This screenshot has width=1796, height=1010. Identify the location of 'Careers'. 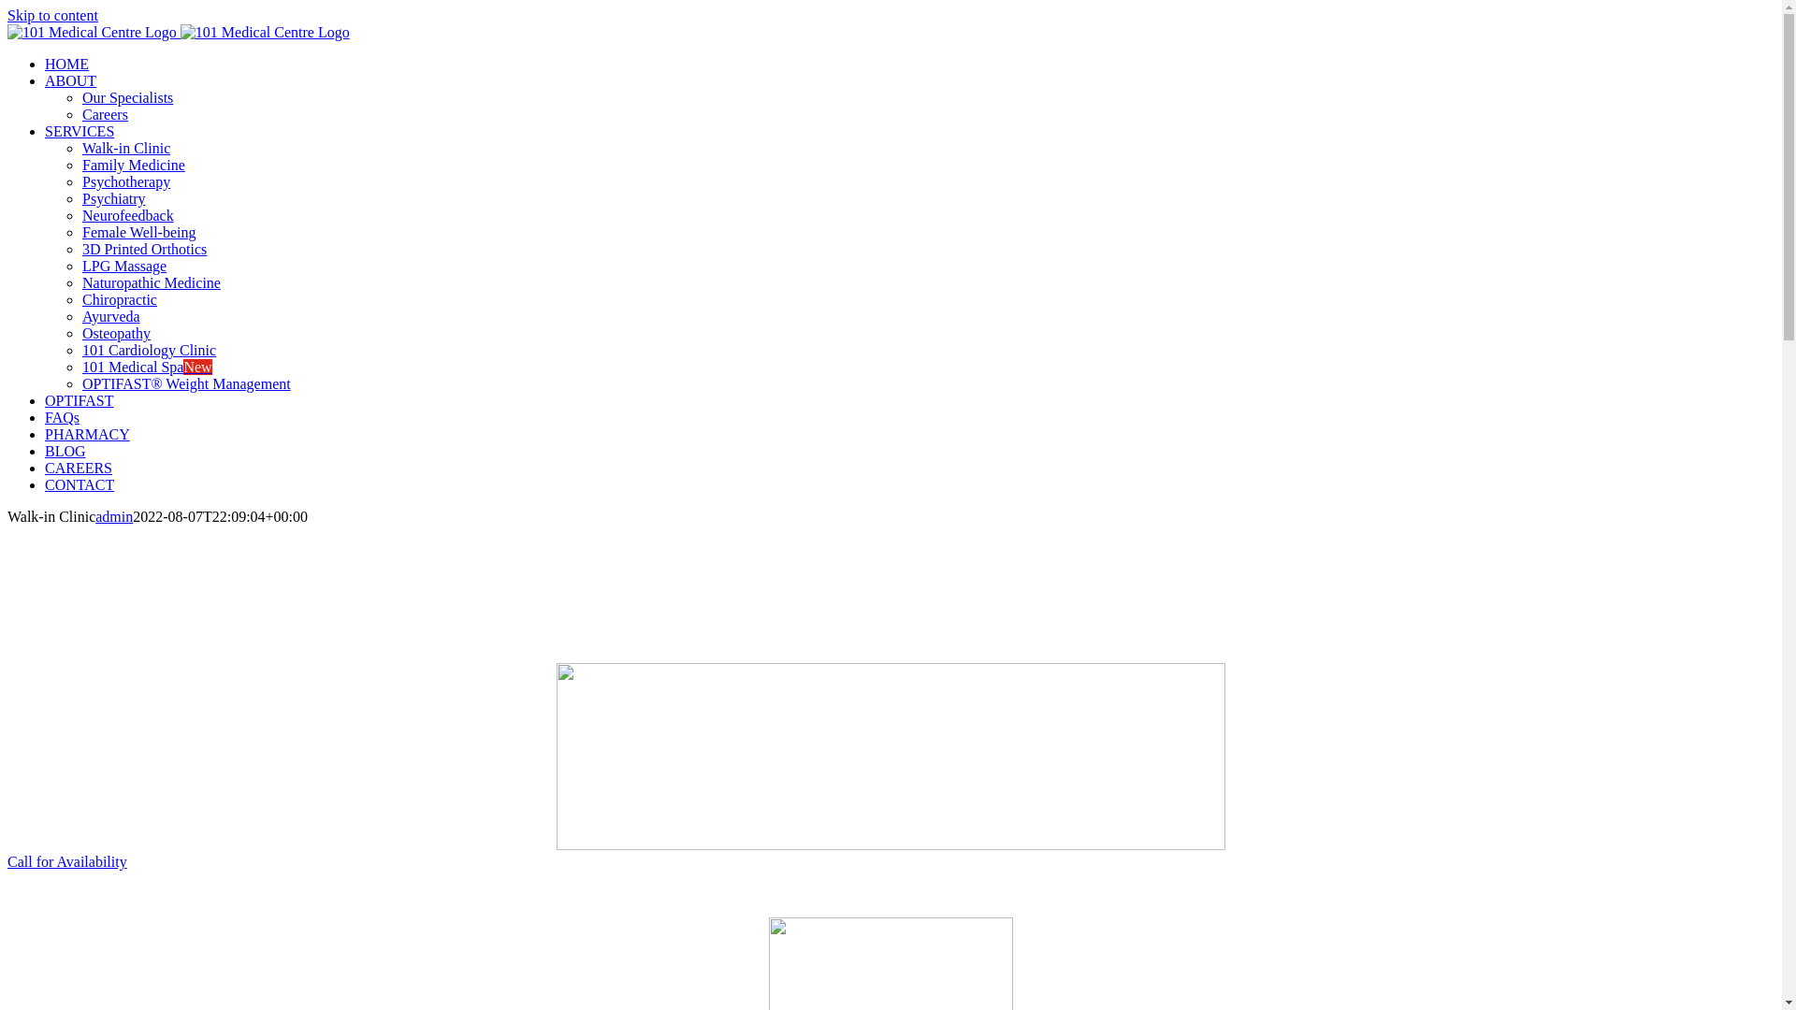
(104, 114).